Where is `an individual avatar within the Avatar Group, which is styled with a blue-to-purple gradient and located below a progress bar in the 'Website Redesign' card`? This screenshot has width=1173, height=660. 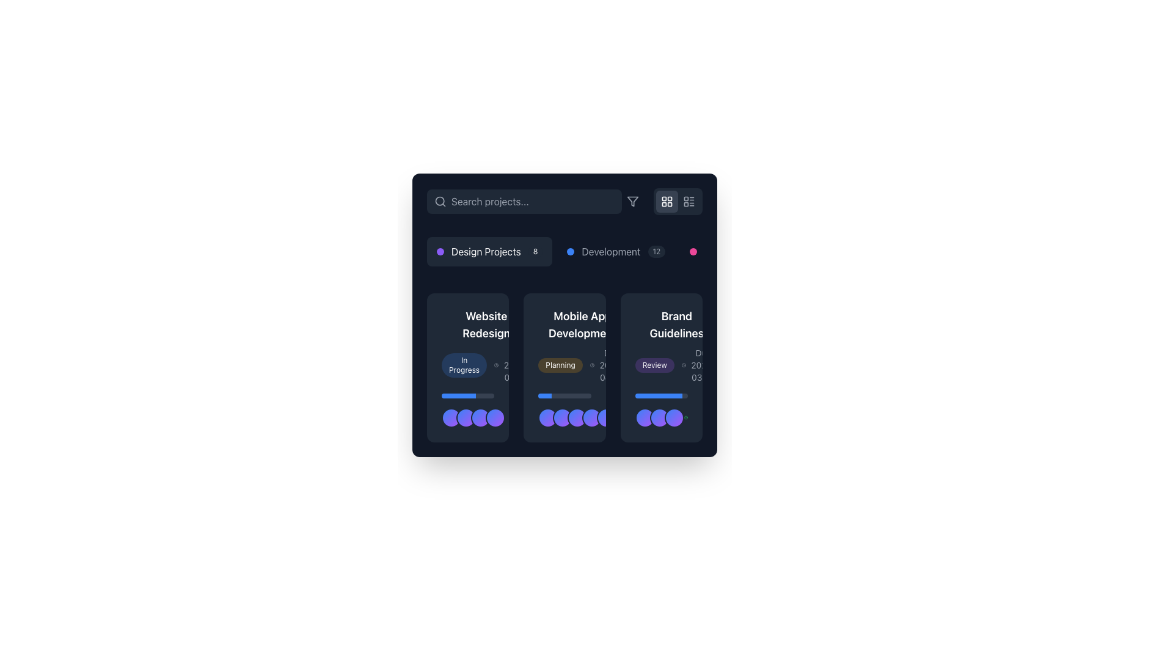 an individual avatar within the Avatar Group, which is styled with a blue-to-purple gradient and located below a progress bar in the 'Website Redesign' card is located at coordinates (467, 410).